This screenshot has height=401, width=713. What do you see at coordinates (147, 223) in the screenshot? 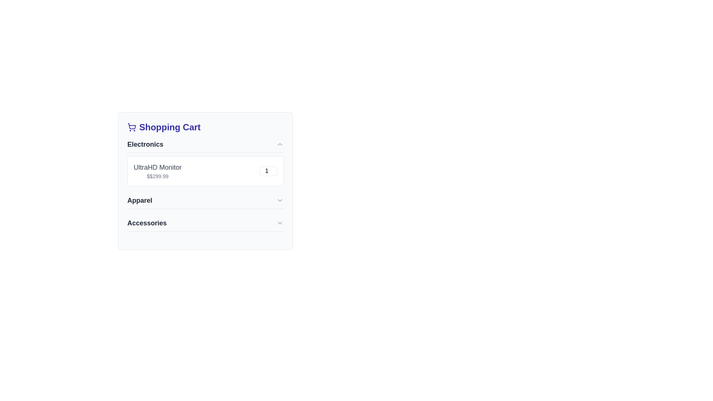
I see `the text label displaying 'Accessories' in bold and large dark gray font, located beneath the 'Apparel' heading` at bounding box center [147, 223].